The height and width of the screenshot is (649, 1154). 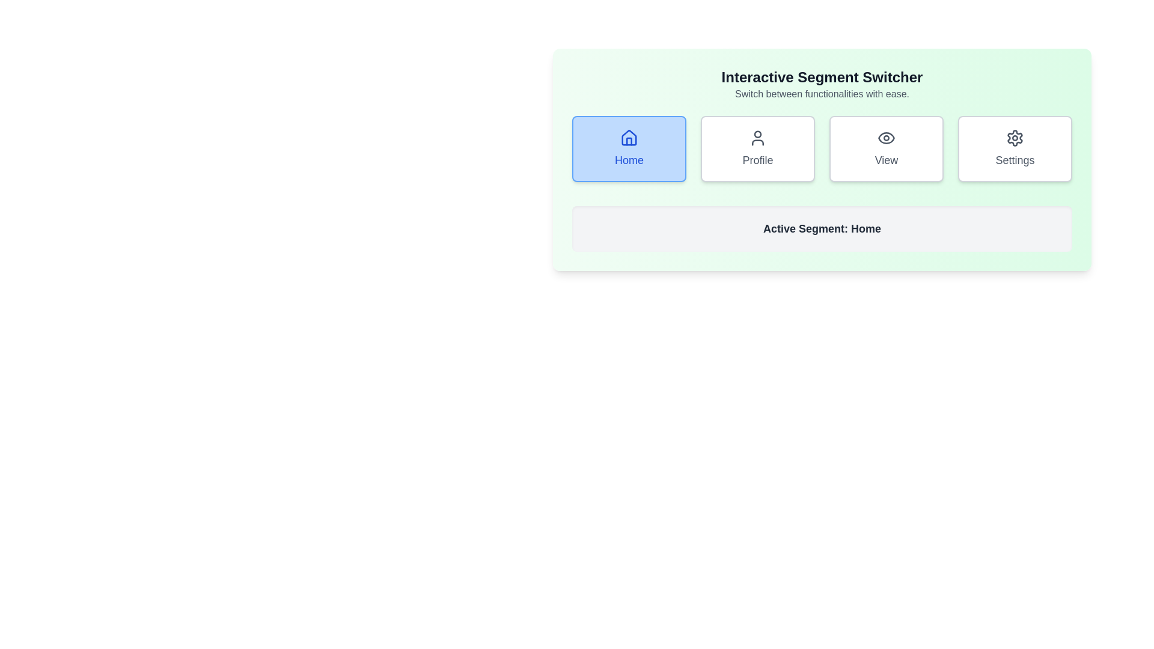 What do you see at coordinates (757, 138) in the screenshot?
I see `the Profile icon located within the second button of the horizontally aligned group of buttons labeled Home, Profile, View, and Settings` at bounding box center [757, 138].